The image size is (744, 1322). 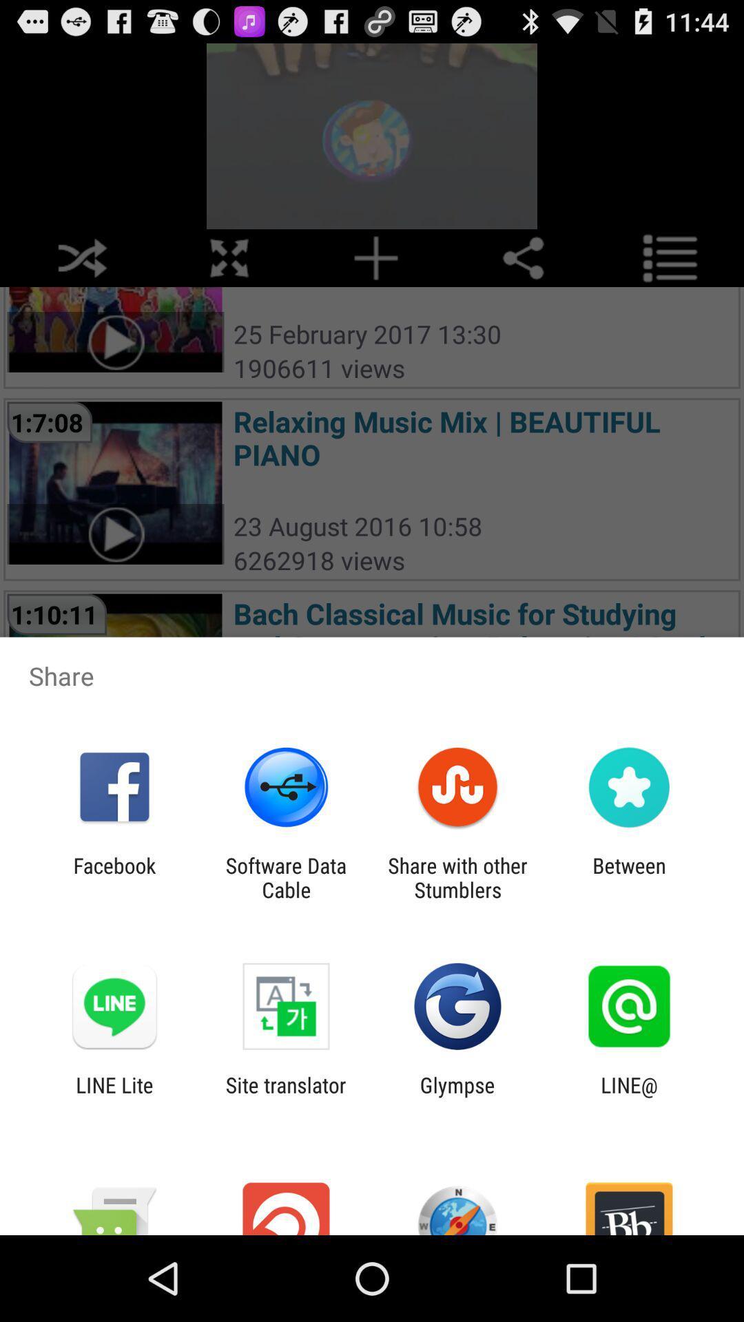 What do you see at coordinates (457, 877) in the screenshot?
I see `icon next to between app` at bounding box center [457, 877].